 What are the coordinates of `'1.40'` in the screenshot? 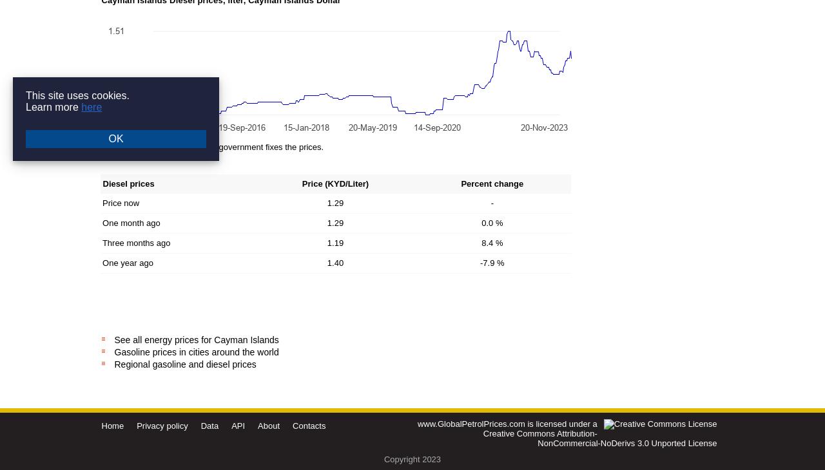 It's located at (335, 262).